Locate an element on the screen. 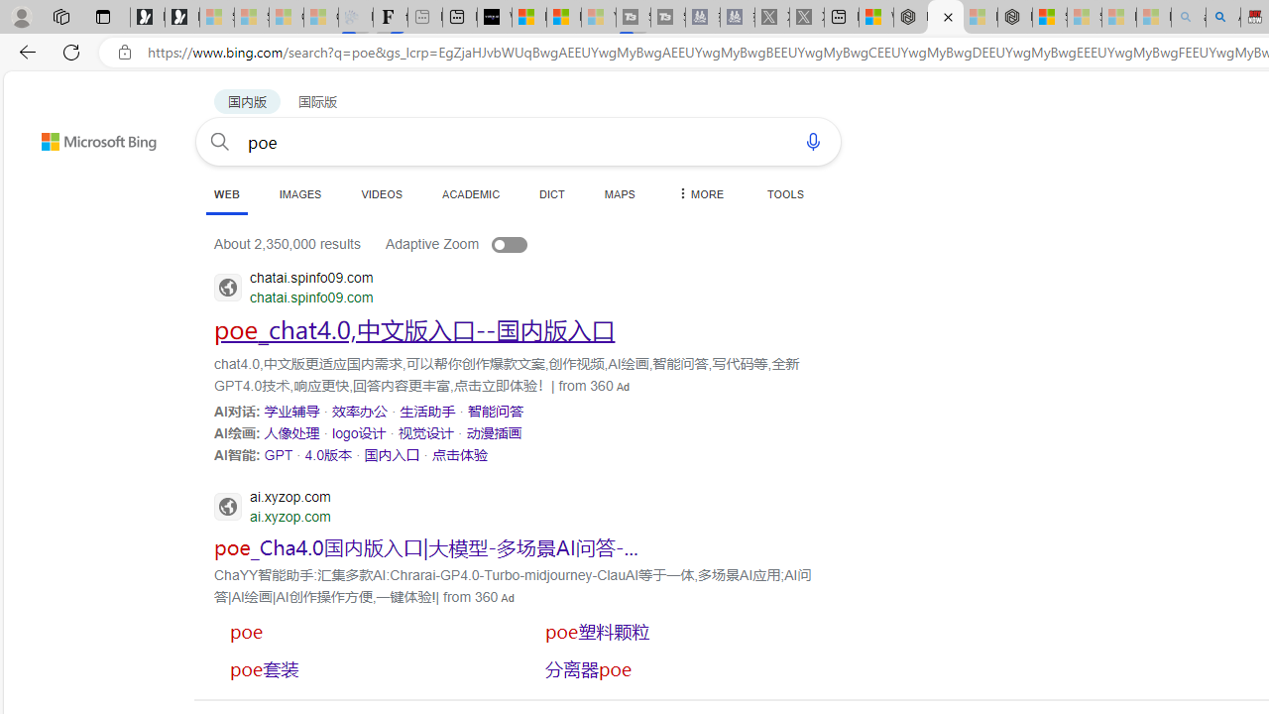 The image size is (1269, 714). 'Streaming Coverage | T3 - Sleeping' is located at coordinates (633, 17).